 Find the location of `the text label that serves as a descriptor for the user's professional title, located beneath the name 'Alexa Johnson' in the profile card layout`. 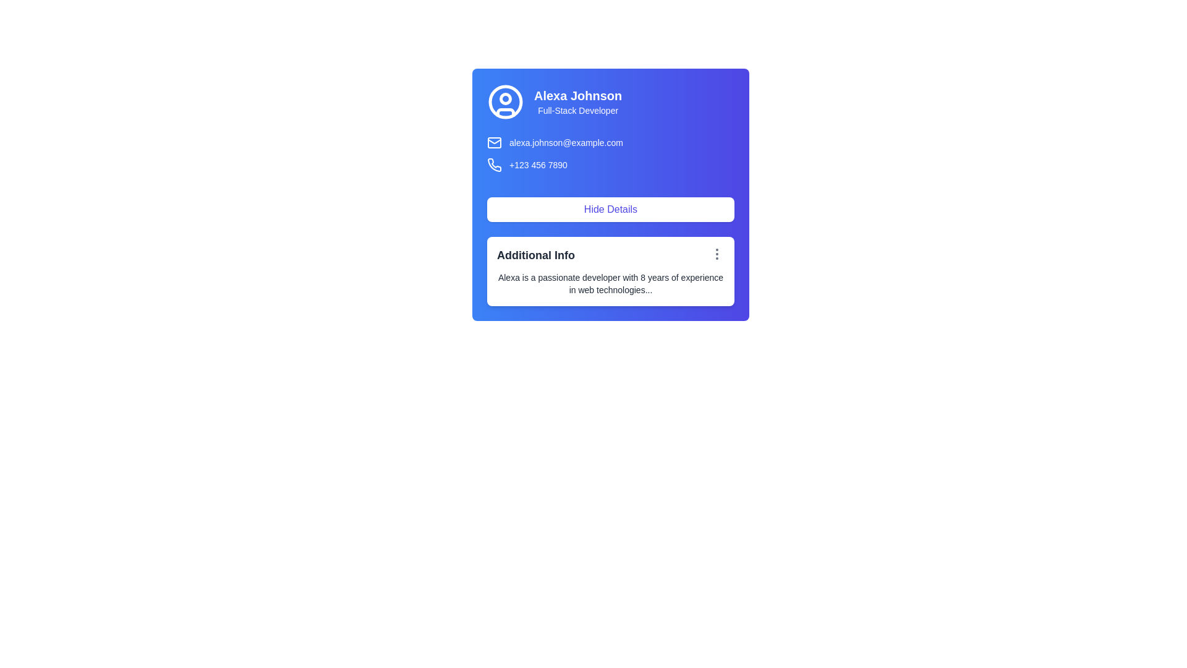

the text label that serves as a descriptor for the user's professional title, located beneath the name 'Alexa Johnson' in the profile card layout is located at coordinates (577, 109).